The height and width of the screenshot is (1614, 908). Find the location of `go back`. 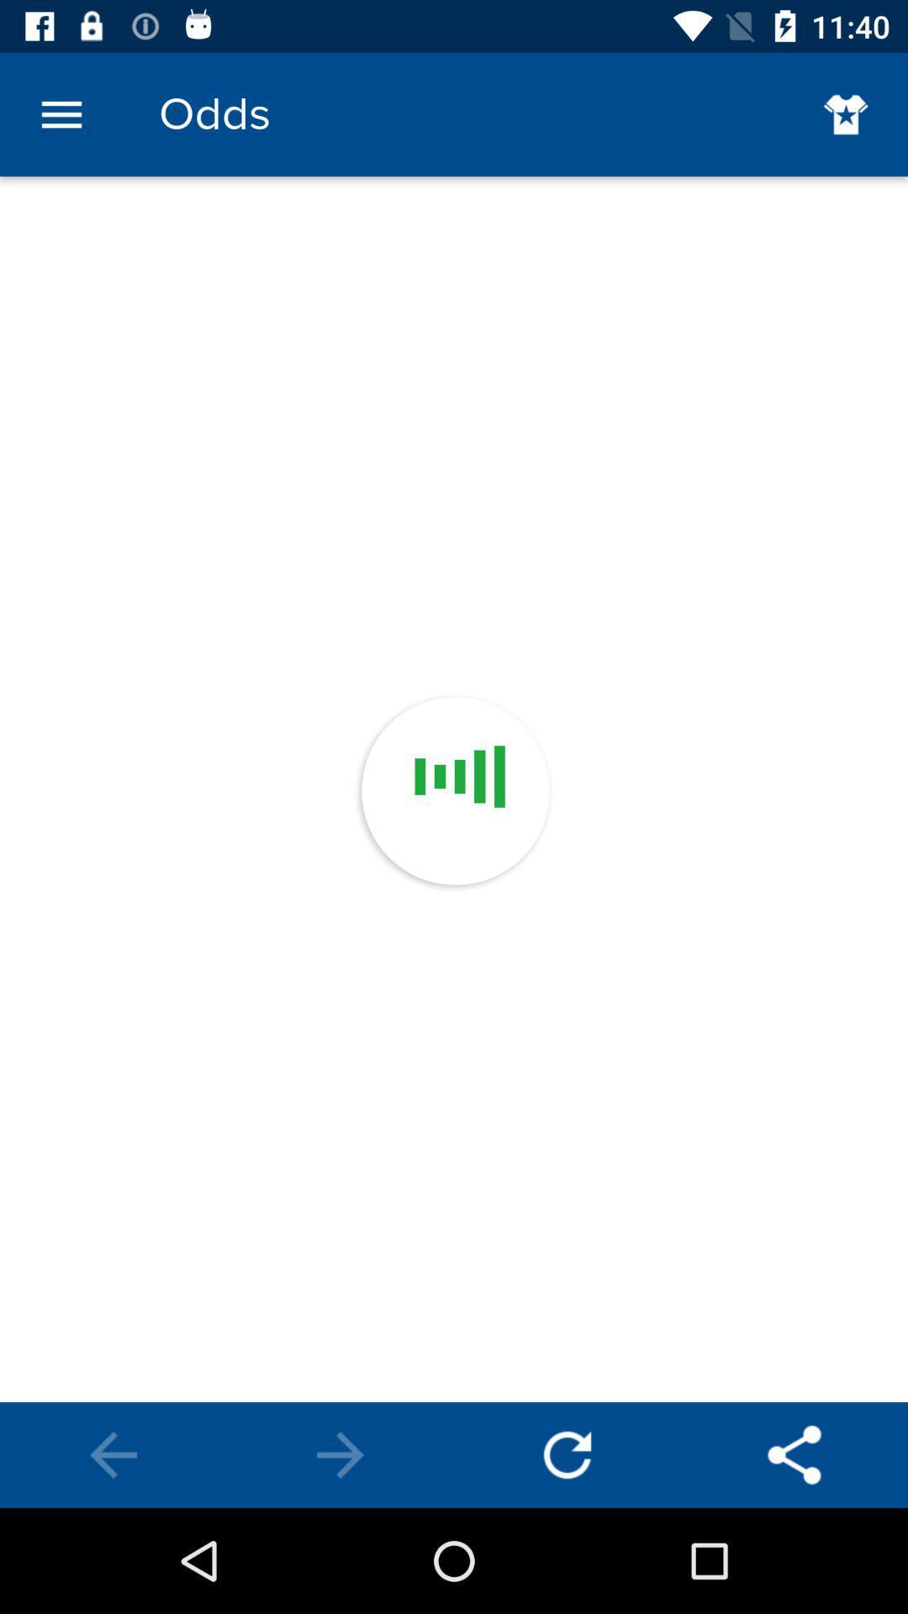

go back is located at coordinates (794, 1454).